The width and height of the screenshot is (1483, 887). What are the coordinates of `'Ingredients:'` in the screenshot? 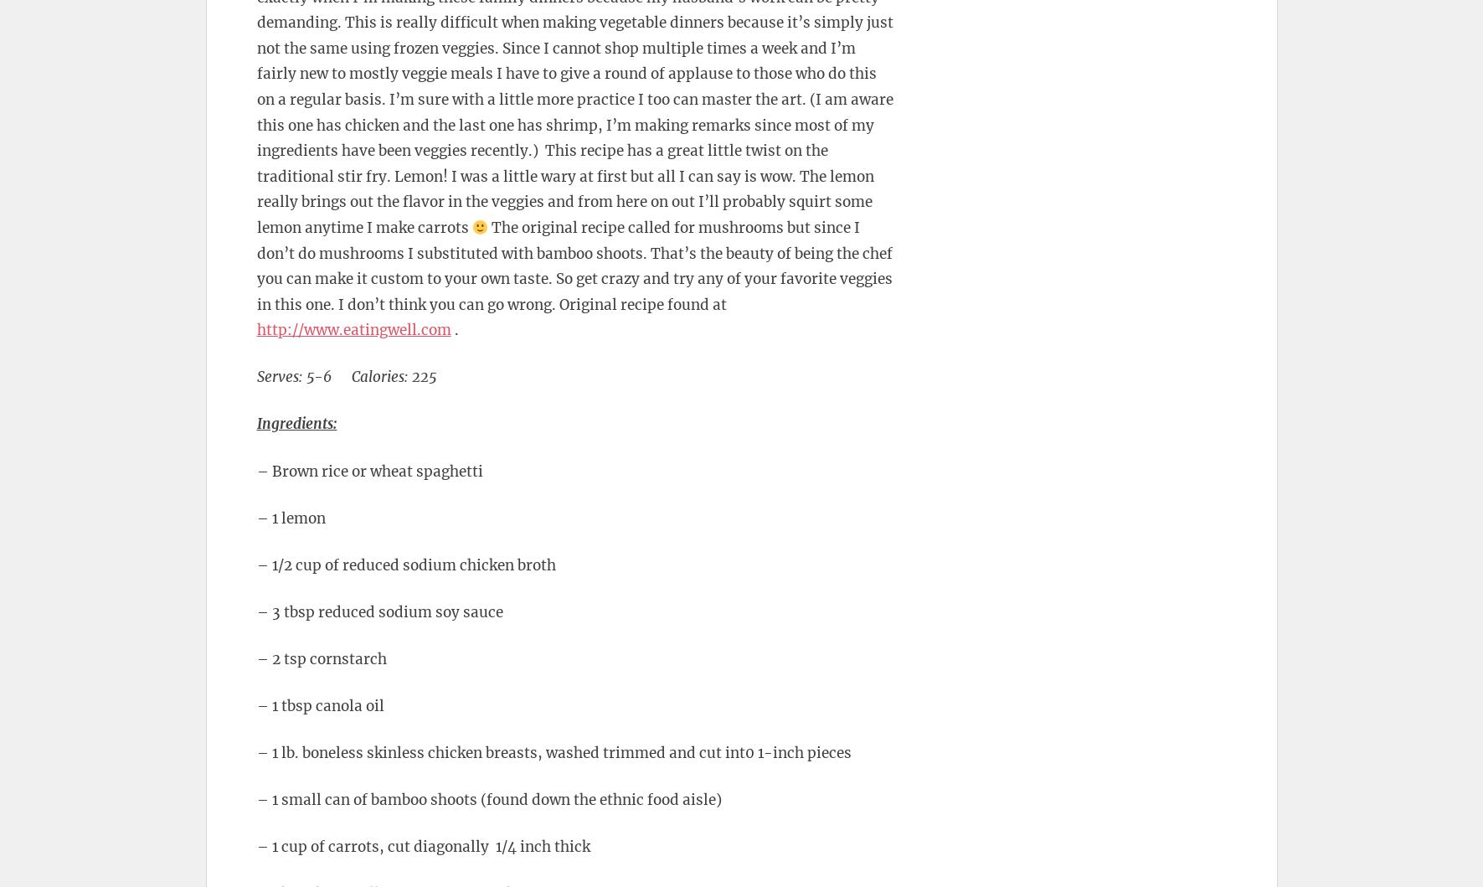 It's located at (296, 423).